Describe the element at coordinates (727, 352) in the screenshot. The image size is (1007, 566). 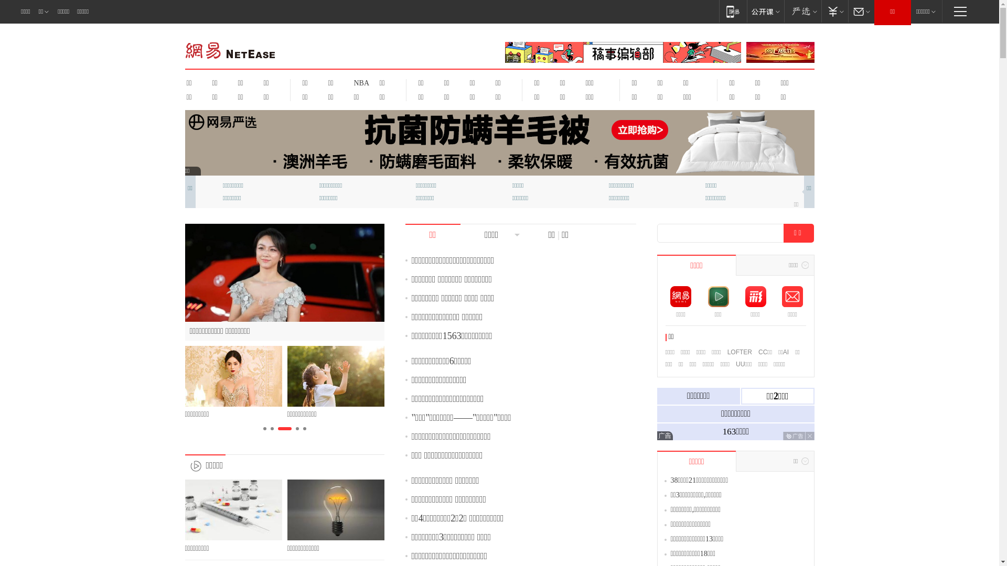
I see `'LOFTER'` at that location.